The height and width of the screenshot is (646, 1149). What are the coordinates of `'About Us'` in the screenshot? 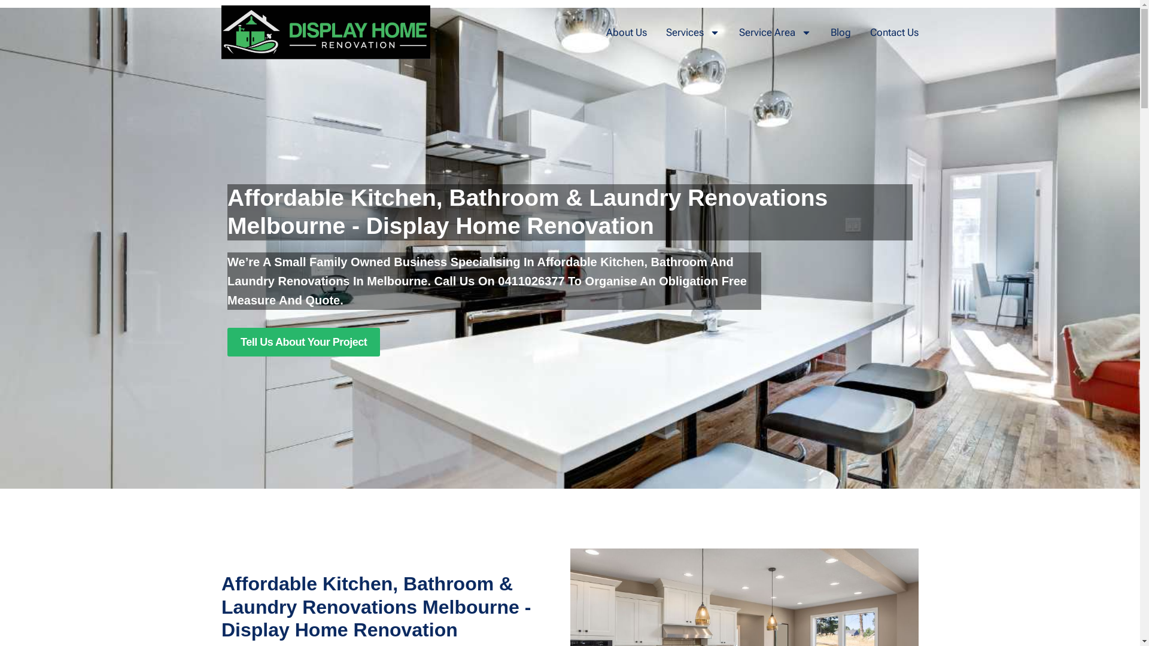 It's located at (625, 32).